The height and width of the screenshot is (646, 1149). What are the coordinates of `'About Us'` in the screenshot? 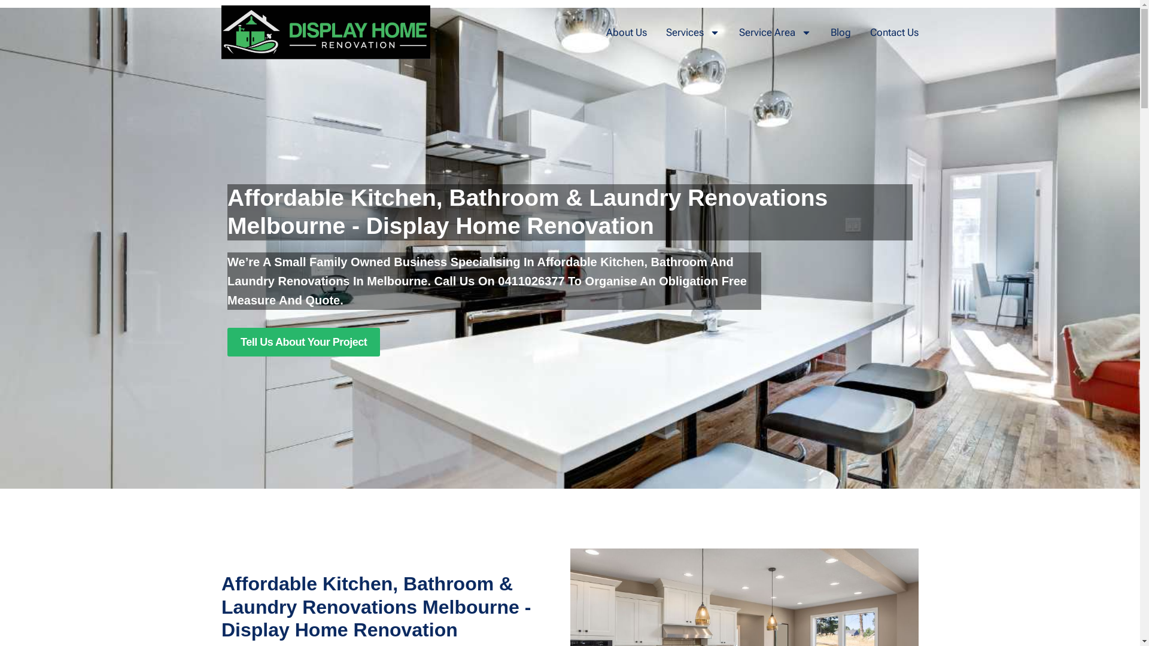 It's located at (625, 32).